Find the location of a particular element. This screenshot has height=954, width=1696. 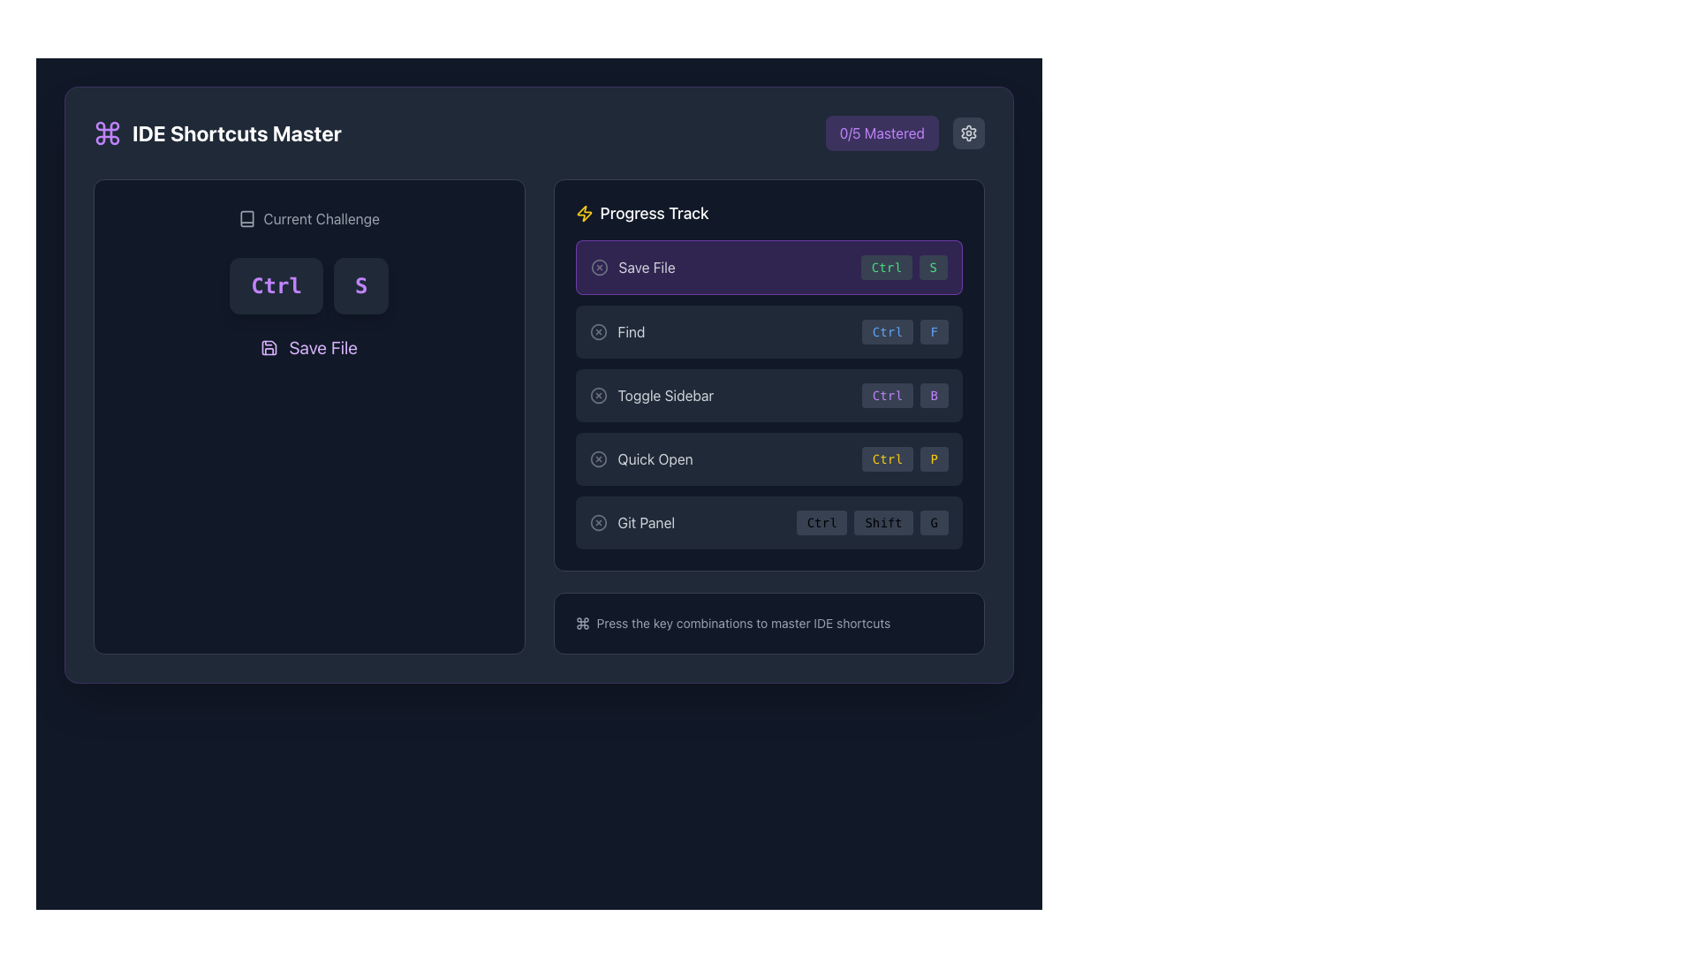

the list item labeled 'Toggle Sidebar' within the dark-themed shortcut guide, positioned between 'Find' and 'Quick Open' is located at coordinates (768, 416).